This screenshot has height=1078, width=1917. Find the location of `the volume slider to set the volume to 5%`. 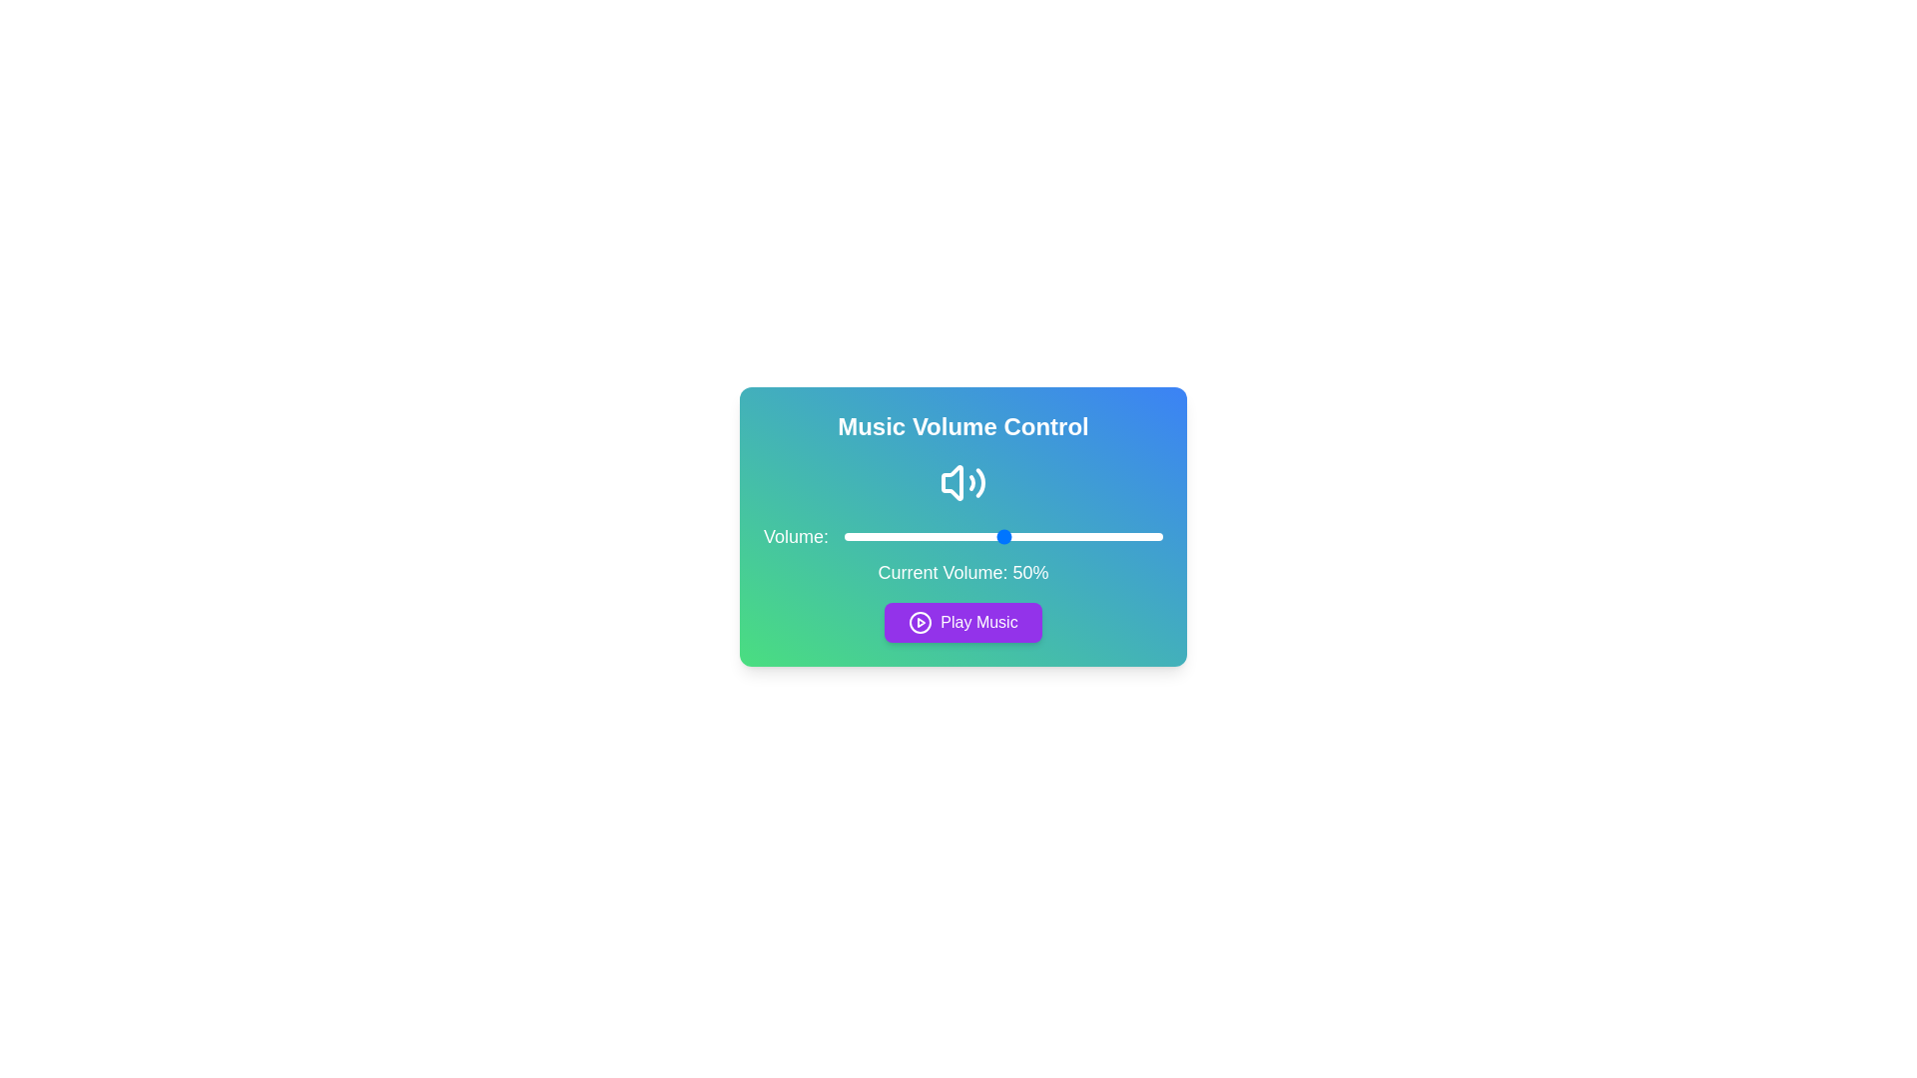

the volume slider to set the volume to 5% is located at coordinates (861, 535).